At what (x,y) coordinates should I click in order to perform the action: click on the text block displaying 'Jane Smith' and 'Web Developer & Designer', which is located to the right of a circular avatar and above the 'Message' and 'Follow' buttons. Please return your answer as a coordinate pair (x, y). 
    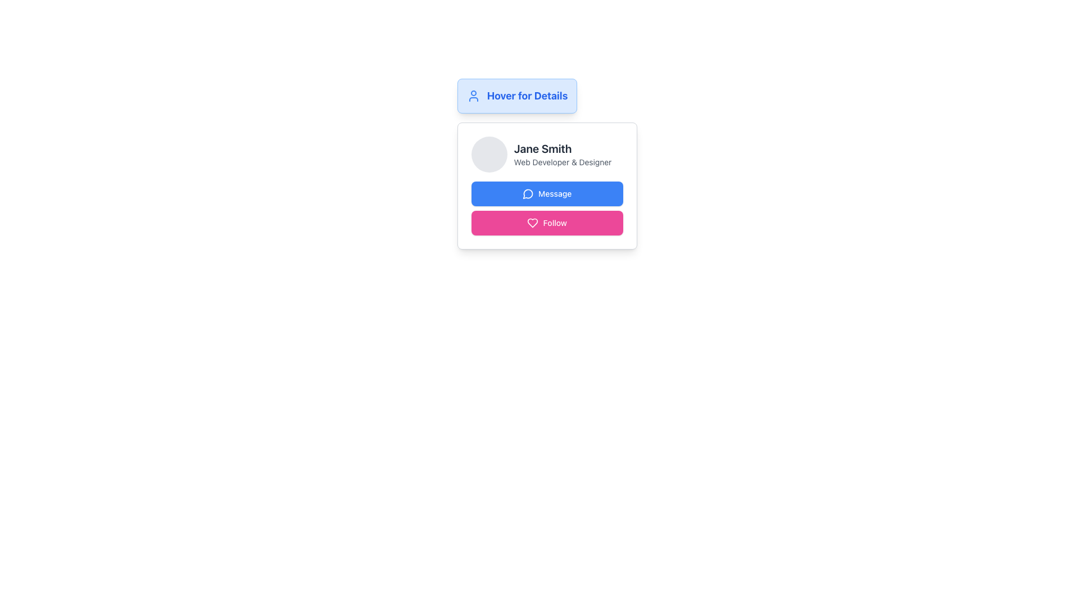
    Looking at the image, I should click on (563, 154).